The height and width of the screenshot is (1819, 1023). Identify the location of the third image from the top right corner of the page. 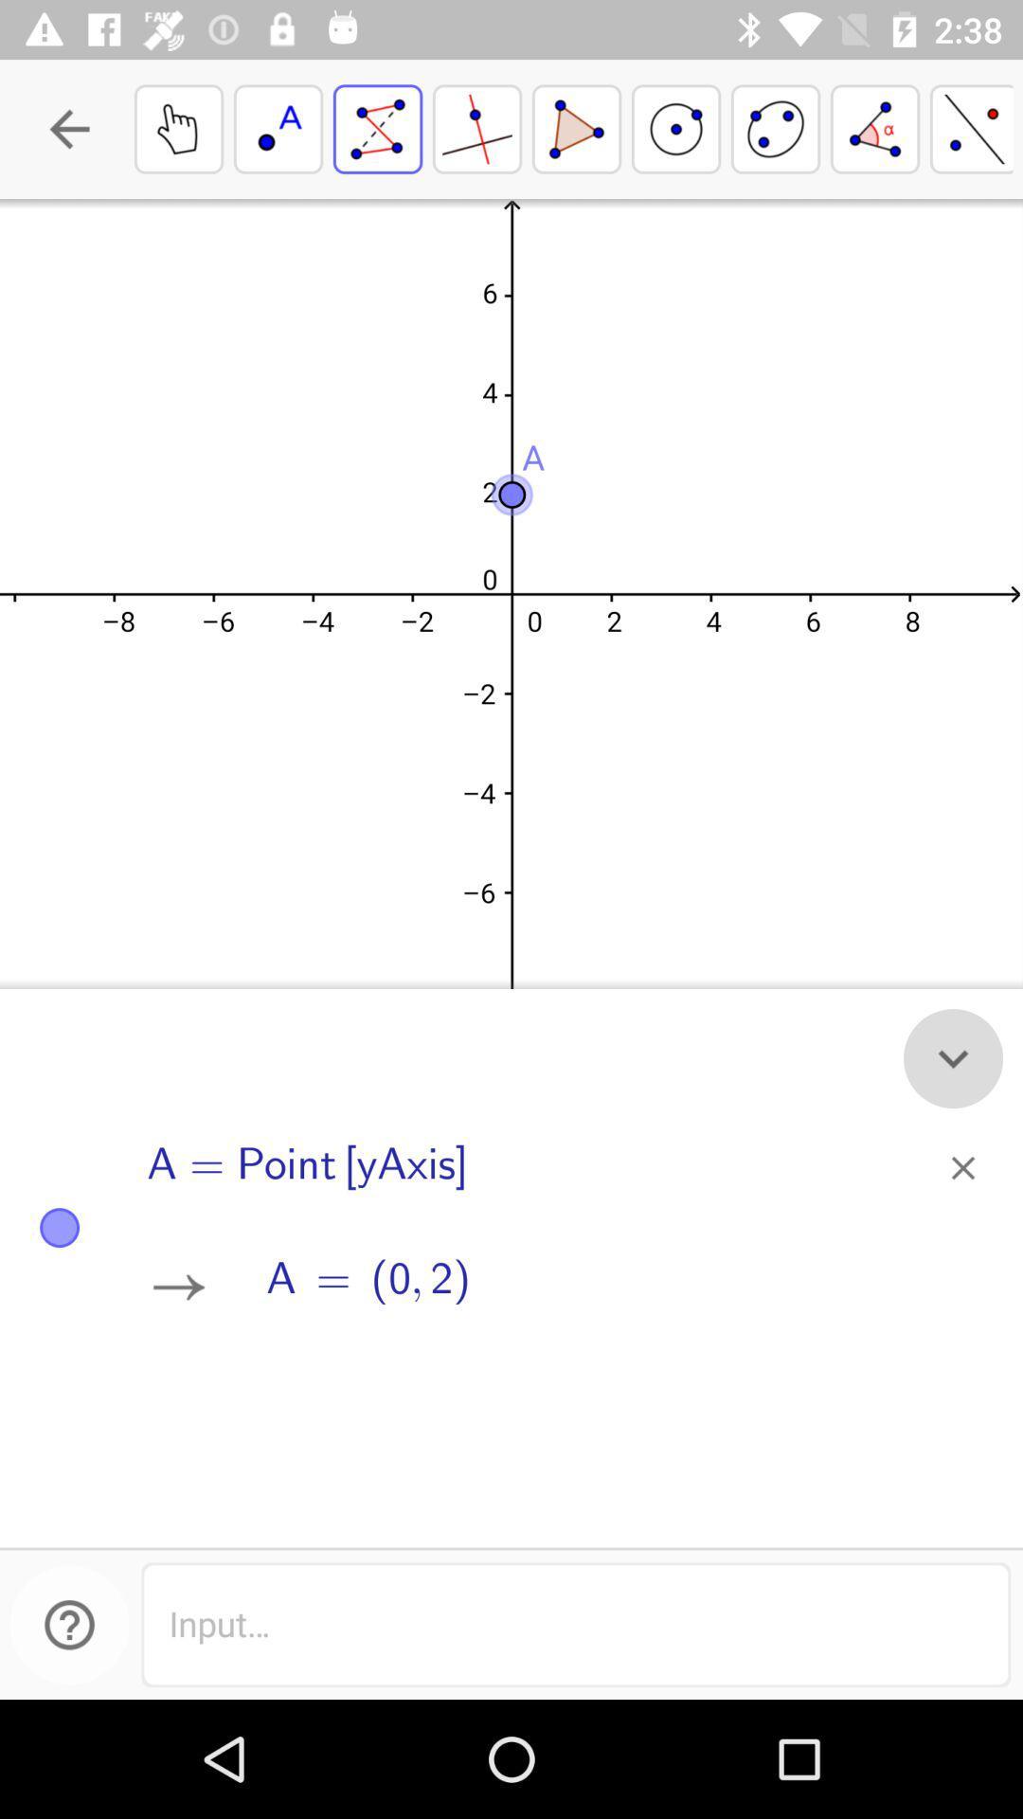
(775, 128).